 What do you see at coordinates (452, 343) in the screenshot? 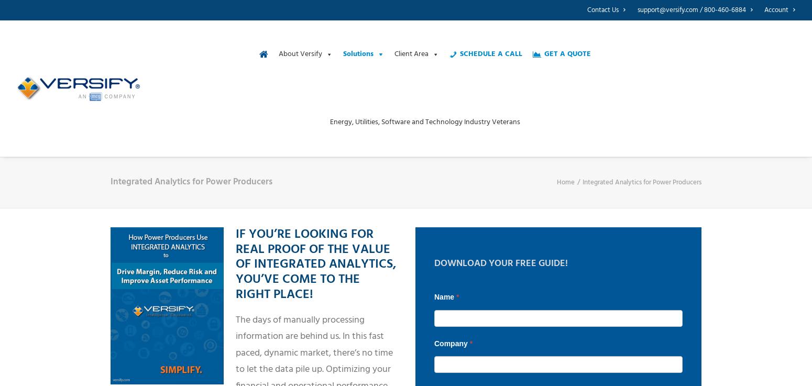
I see `'Company'` at bounding box center [452, 343].